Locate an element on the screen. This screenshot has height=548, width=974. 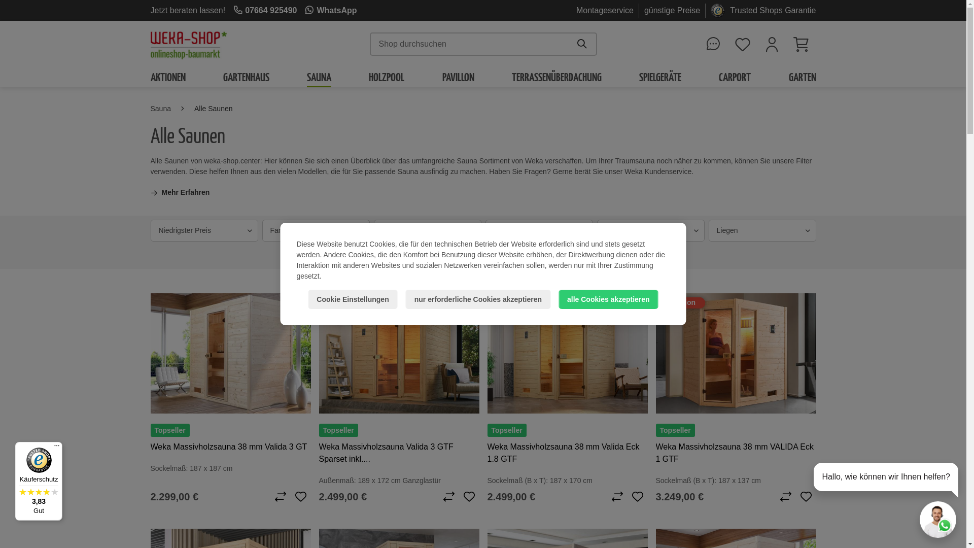
'Mein Konto' is located at coordinates (757, 44).